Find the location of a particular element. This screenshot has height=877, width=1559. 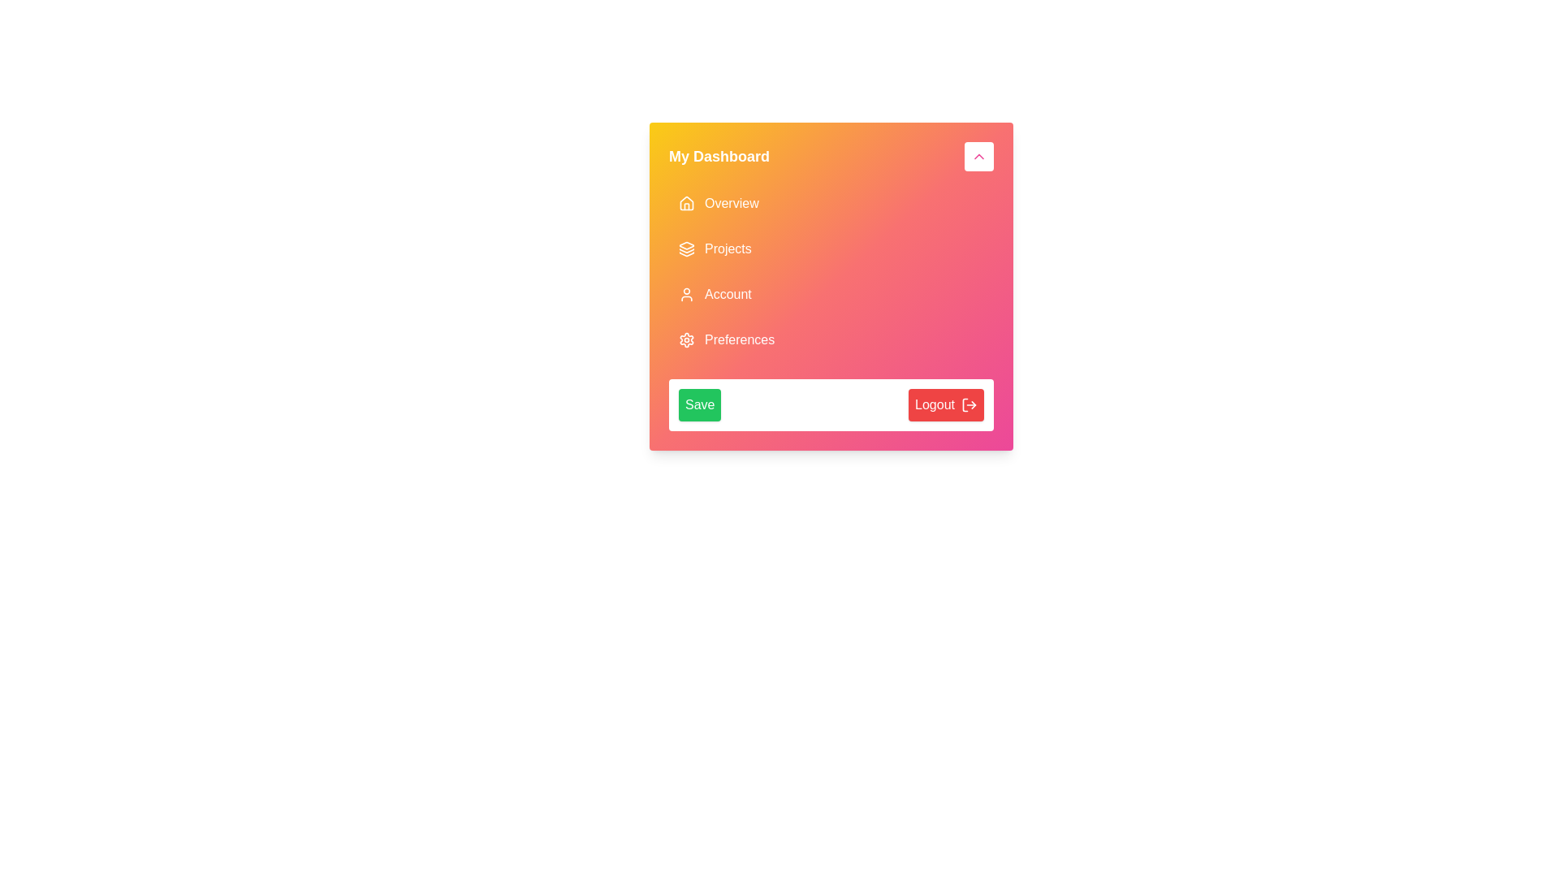

the small house icon located in the 'My Dashboard' menu is located at coordinates (686, 202).